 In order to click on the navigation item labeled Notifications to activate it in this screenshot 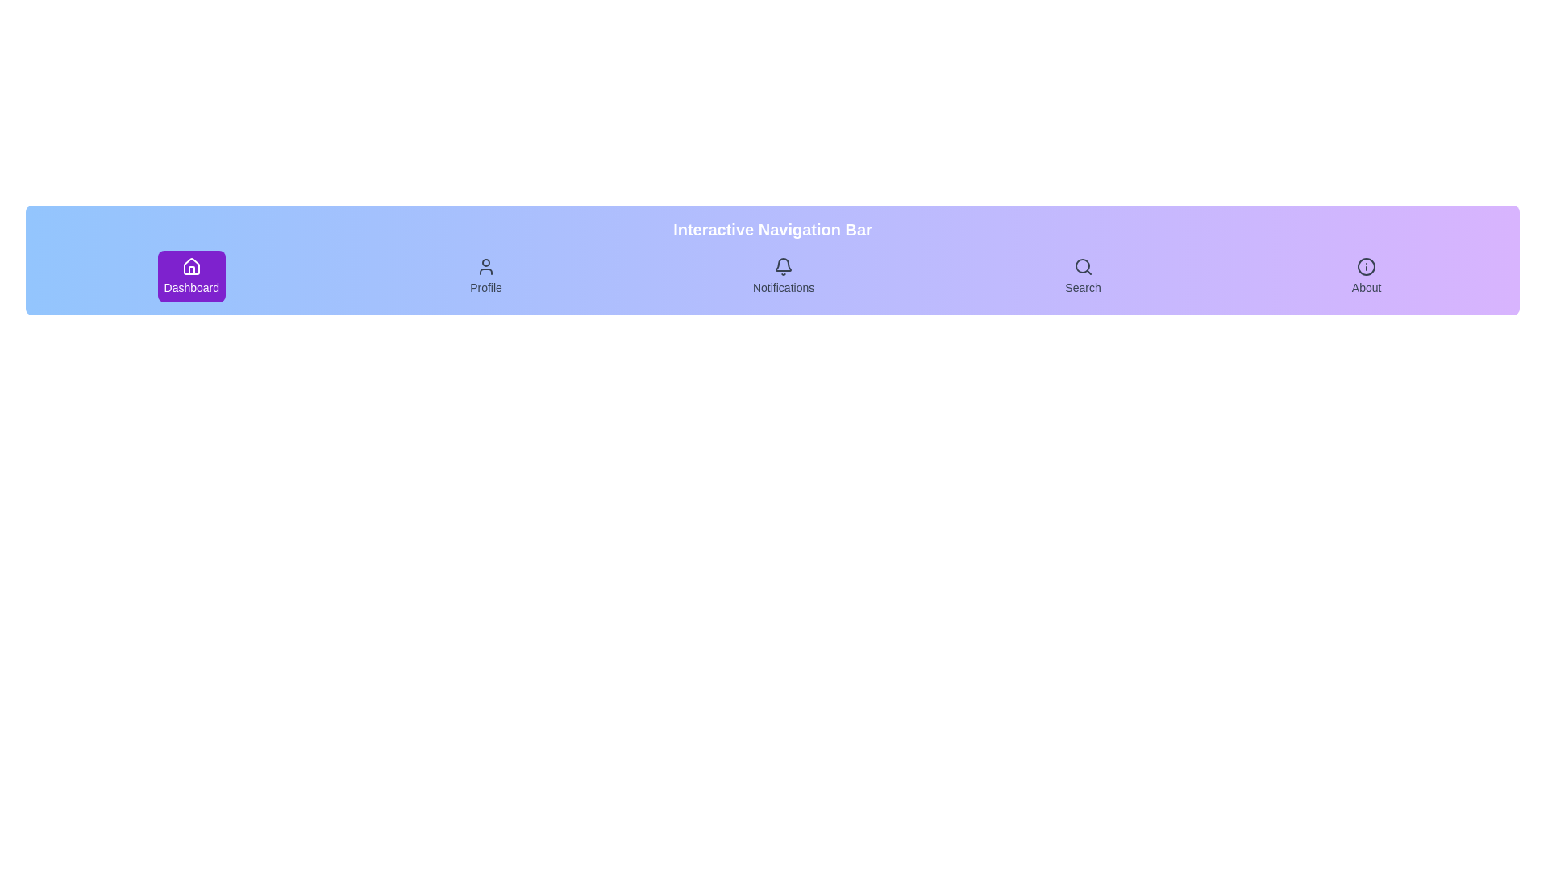, I will do `click(784, 276)`.